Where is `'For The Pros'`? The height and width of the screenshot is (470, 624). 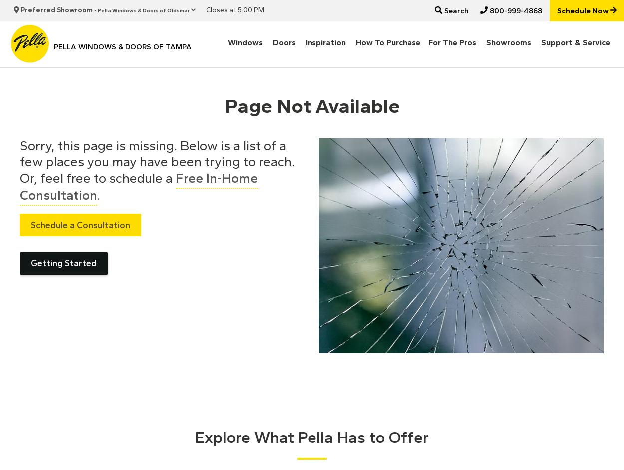 'For The Pros' is located at coordinates (452, 41).